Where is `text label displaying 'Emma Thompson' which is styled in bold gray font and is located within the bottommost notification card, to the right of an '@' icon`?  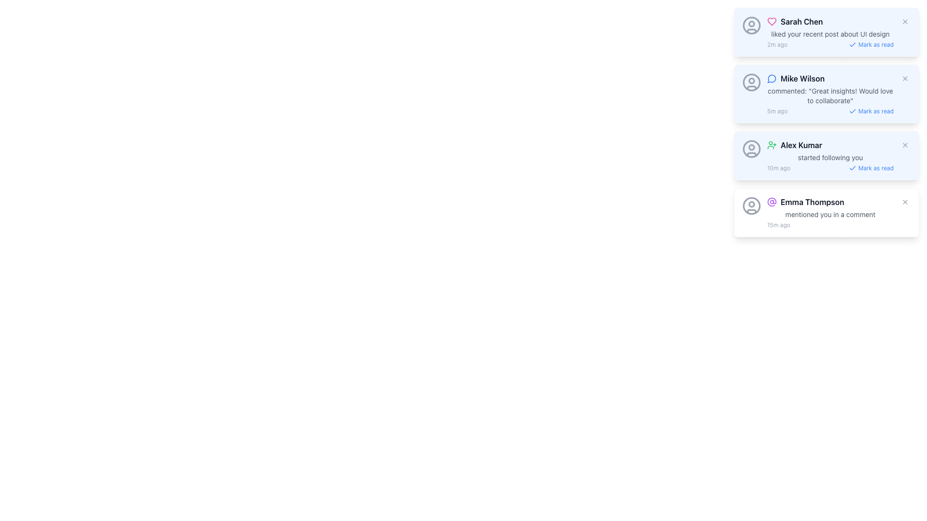 text label displaying 'Emma Thompson' which is styled in bold gray font and is located within the bottommost notification card, to the right of an '@' icon is located at coordinates (812, 202).